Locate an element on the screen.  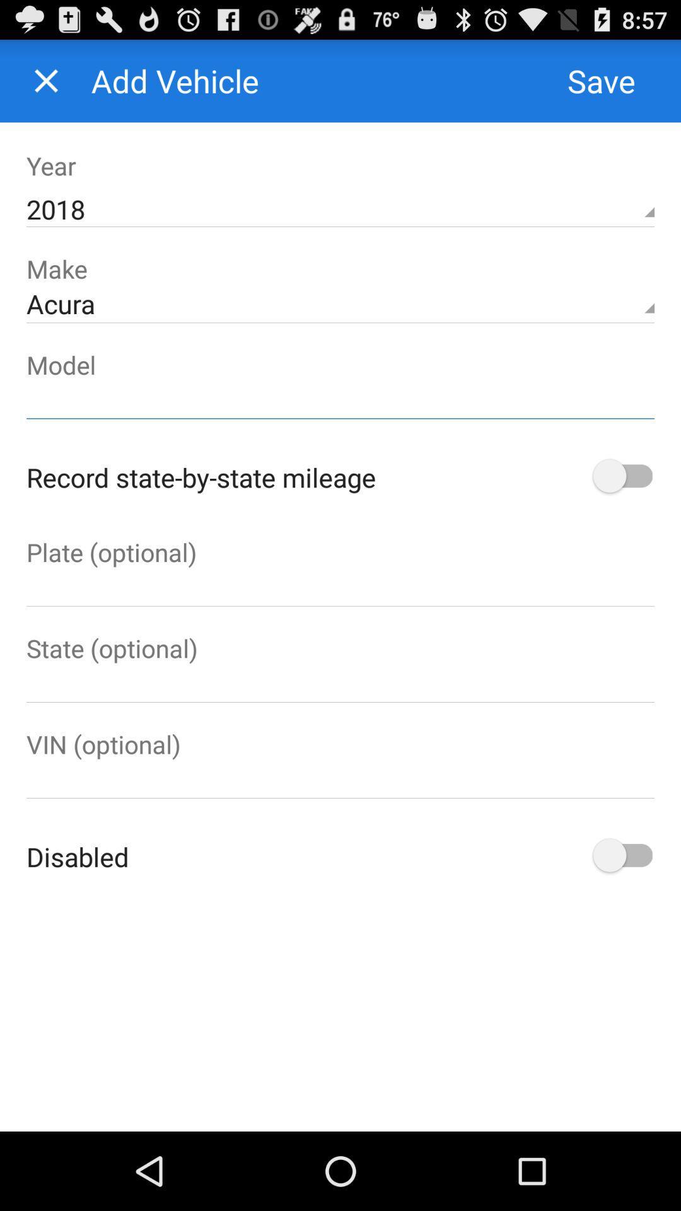
text box is located at coordinates (340, 399).